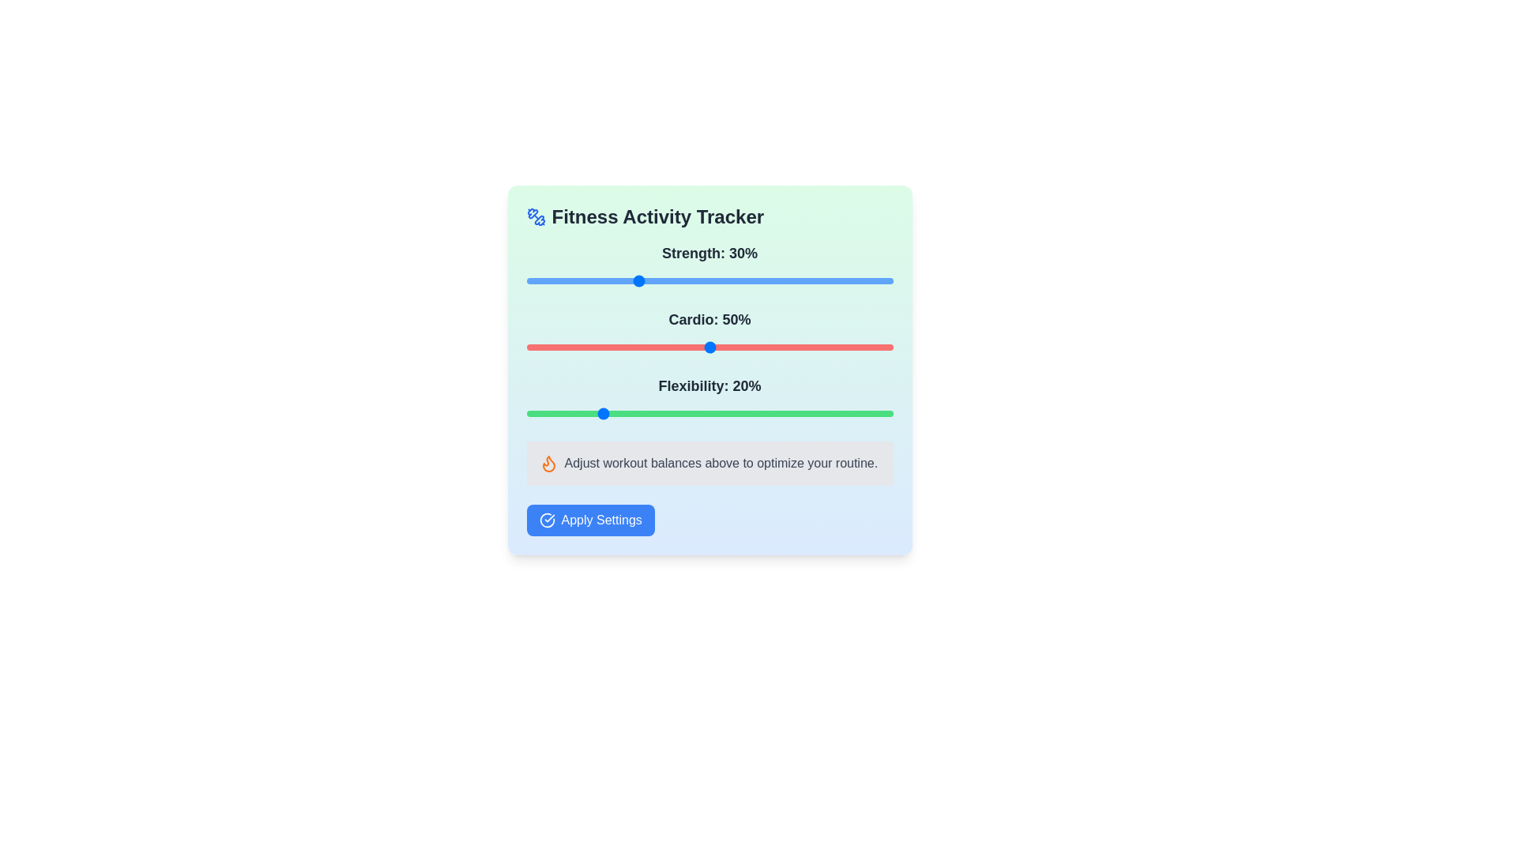 Image resolution: width=1517 pixels, height=853 pixels. Describe the element at coordinates (610, 346) in the screenshot. I see `cardio level` at that location.